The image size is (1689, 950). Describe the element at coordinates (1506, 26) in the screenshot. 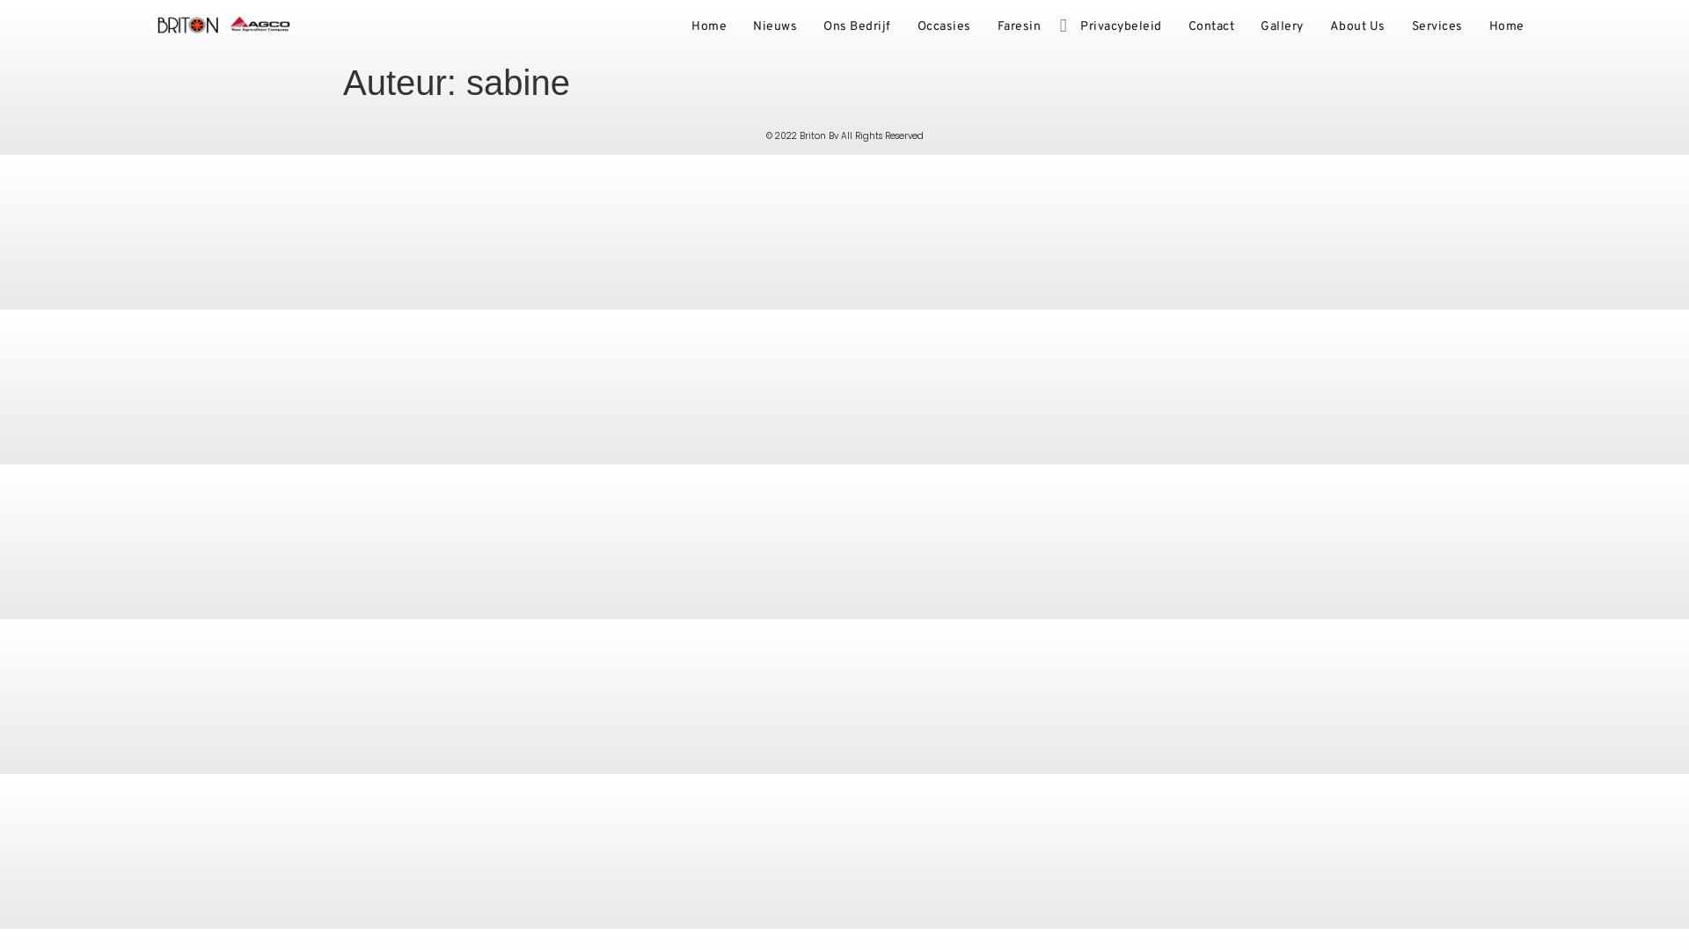

I see `'Home'` at that location.